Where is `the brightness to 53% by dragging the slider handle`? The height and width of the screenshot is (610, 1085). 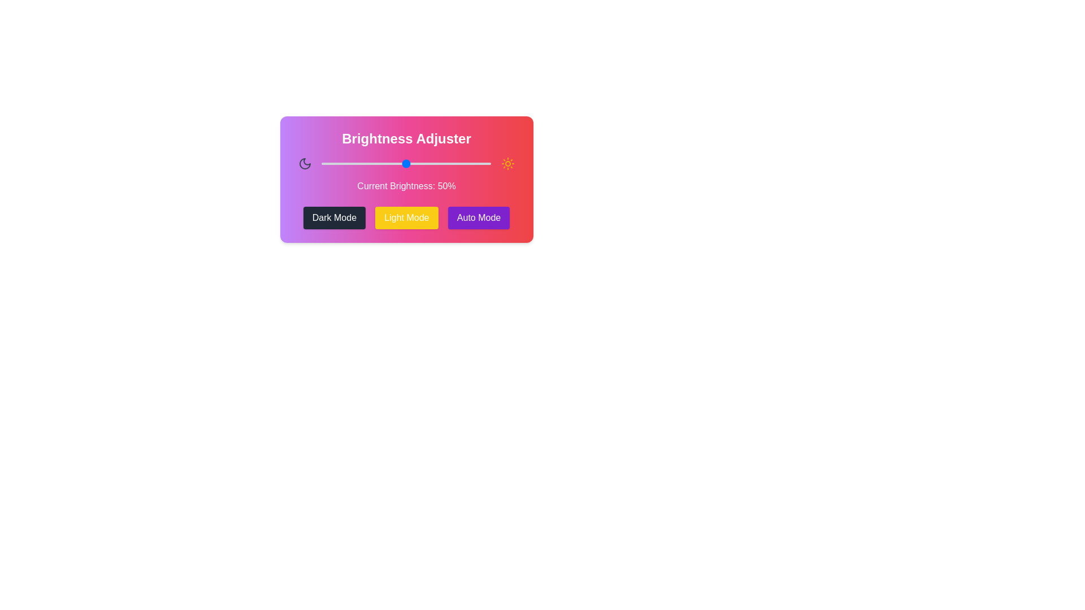
the brightness to 53% by dragging the slider handle is located at coordinates (411, 163).